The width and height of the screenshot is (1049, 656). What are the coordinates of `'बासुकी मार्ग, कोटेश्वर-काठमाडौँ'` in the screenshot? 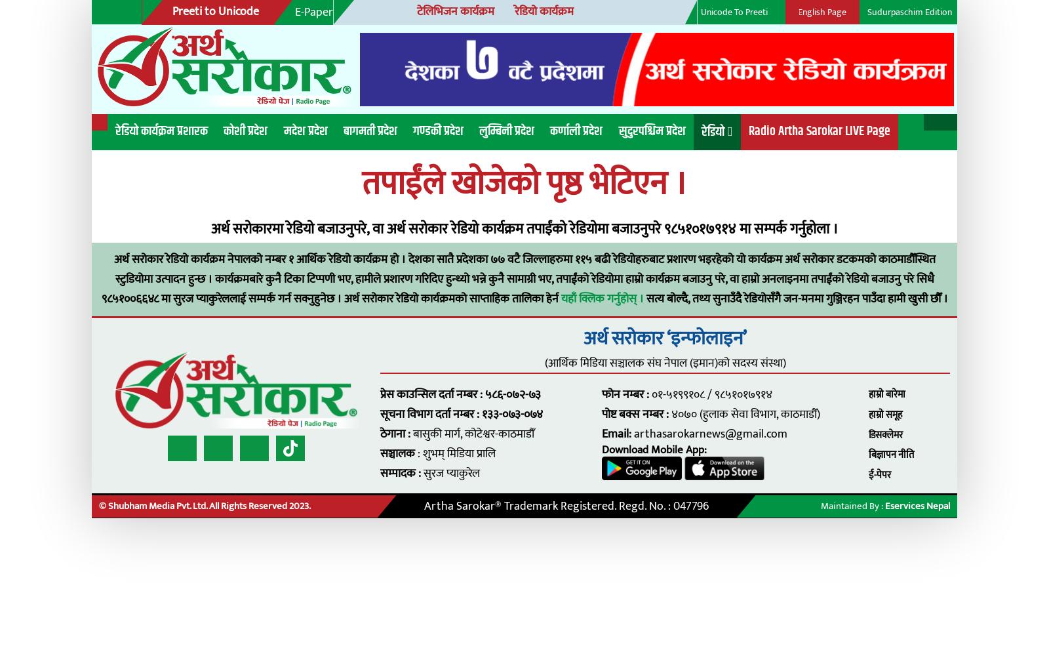 It's located at (372, 393).